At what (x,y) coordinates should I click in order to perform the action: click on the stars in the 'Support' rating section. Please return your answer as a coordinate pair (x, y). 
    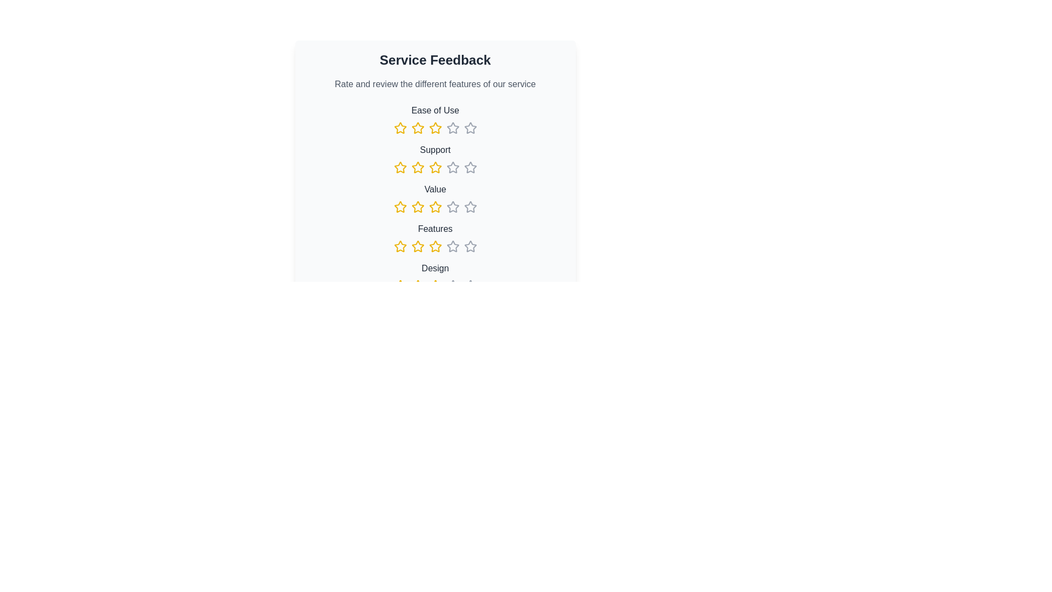
    Looking at the image, I should click on (434, 158).